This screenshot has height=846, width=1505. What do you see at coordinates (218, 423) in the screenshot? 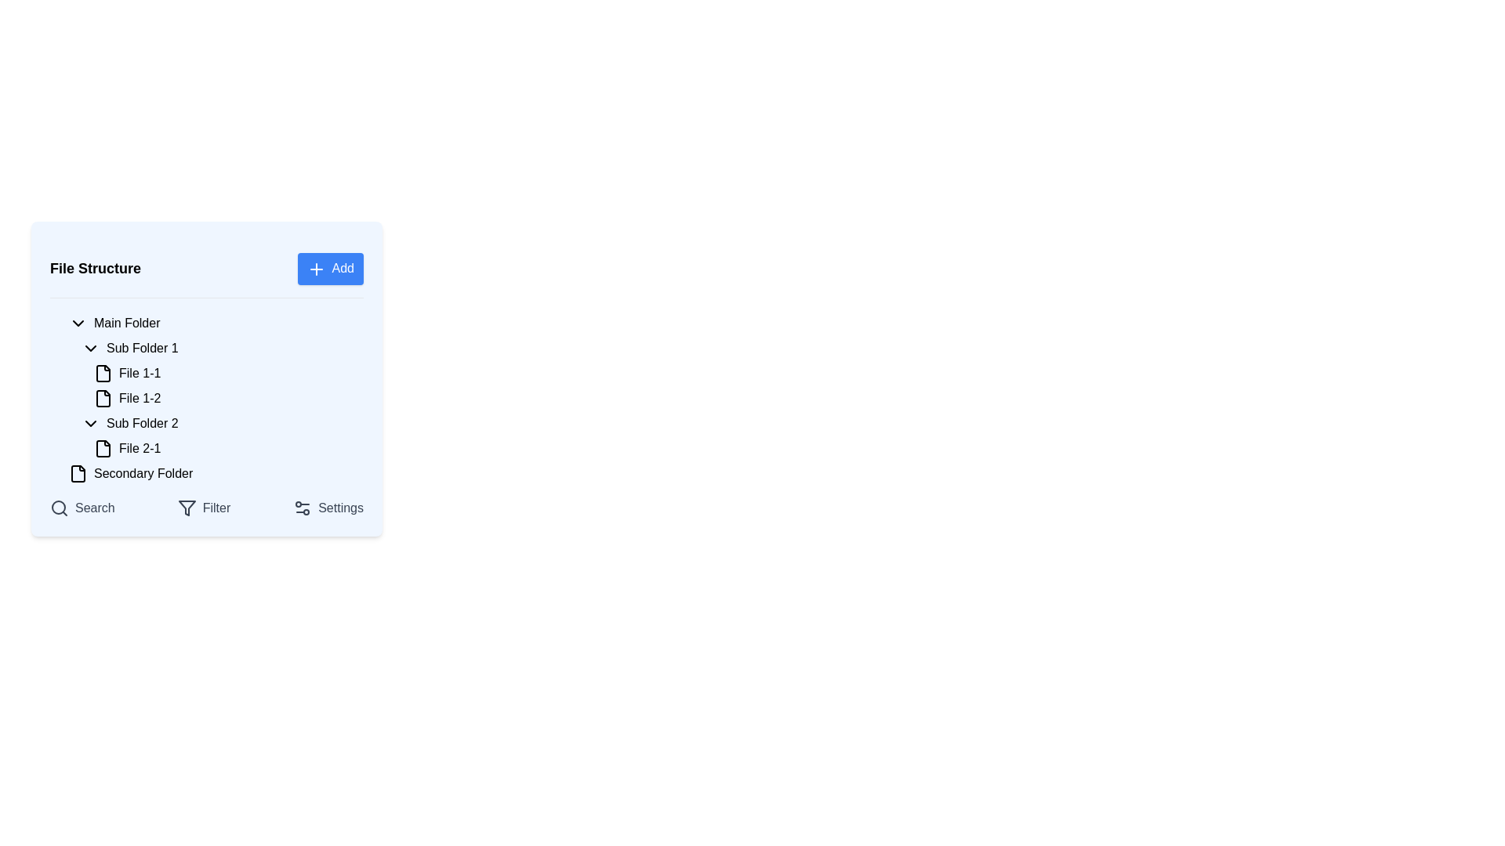
I see `the 'Sub Folder 2' collapsible folder item located under 'Sub Folder 1'` at bounding box center [218, 423].